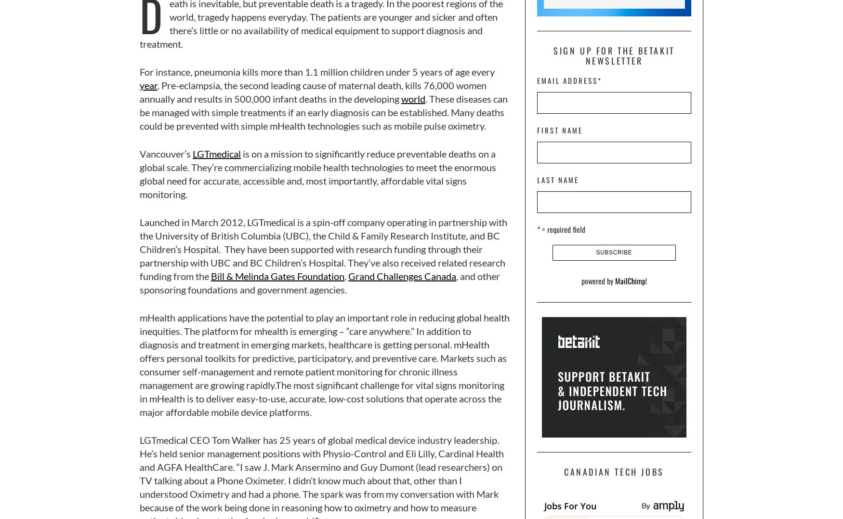  I want to click on 'MailChimp', so click(630, 280).